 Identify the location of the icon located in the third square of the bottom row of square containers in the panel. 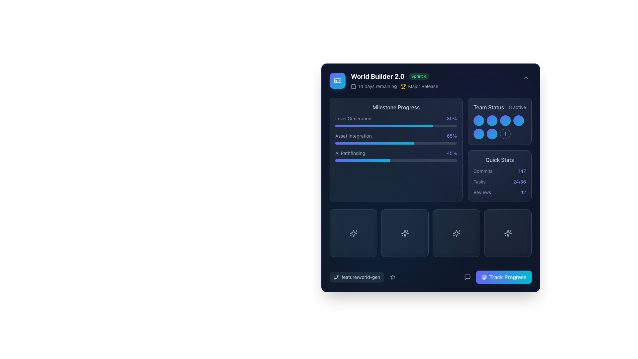
(456, 233).